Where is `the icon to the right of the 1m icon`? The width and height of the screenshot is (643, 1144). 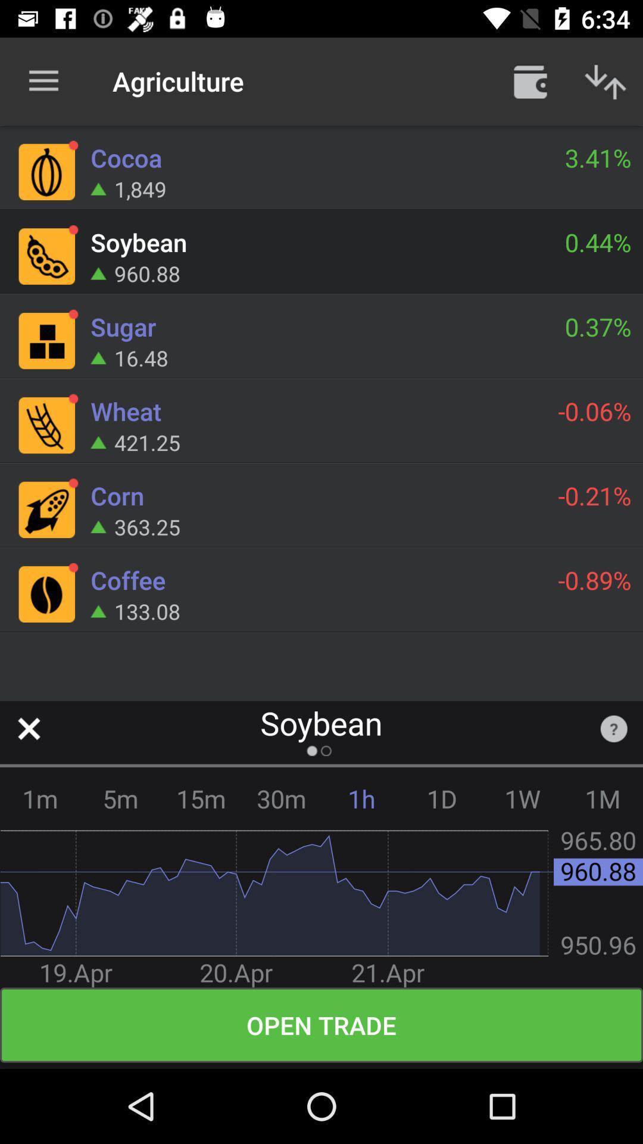
the icon to the right of the 1m icon is located at coordinates (120, 798).